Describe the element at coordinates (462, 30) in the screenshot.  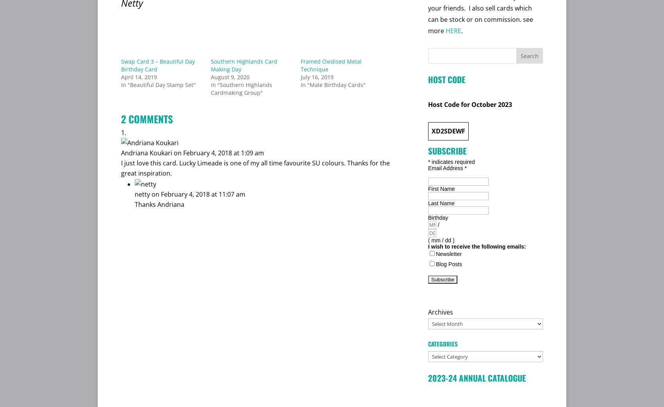
I see `'.'` at that location.